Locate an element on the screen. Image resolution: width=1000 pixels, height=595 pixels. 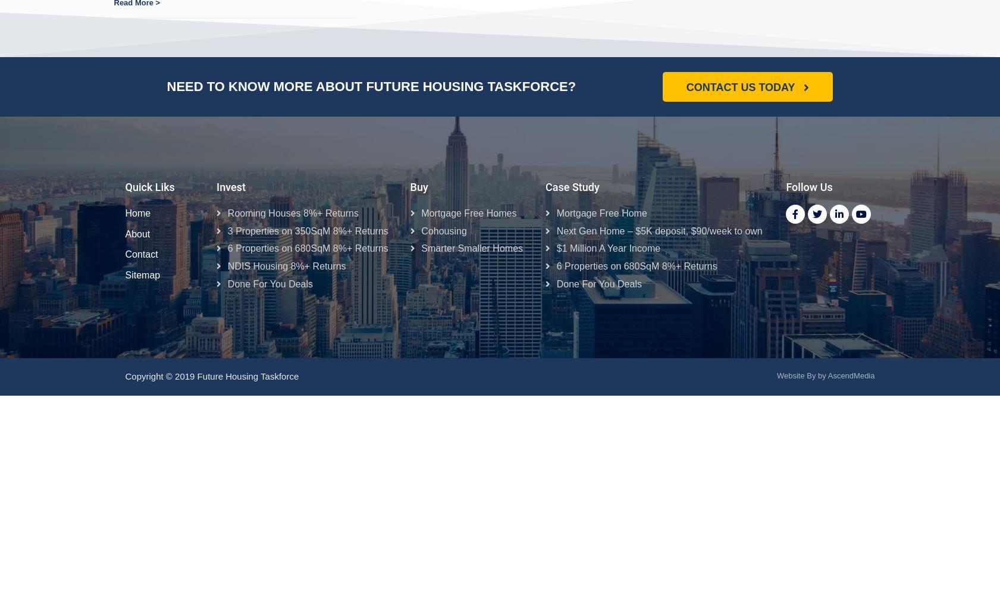
'Invest' is located at coordinates (230, 186).